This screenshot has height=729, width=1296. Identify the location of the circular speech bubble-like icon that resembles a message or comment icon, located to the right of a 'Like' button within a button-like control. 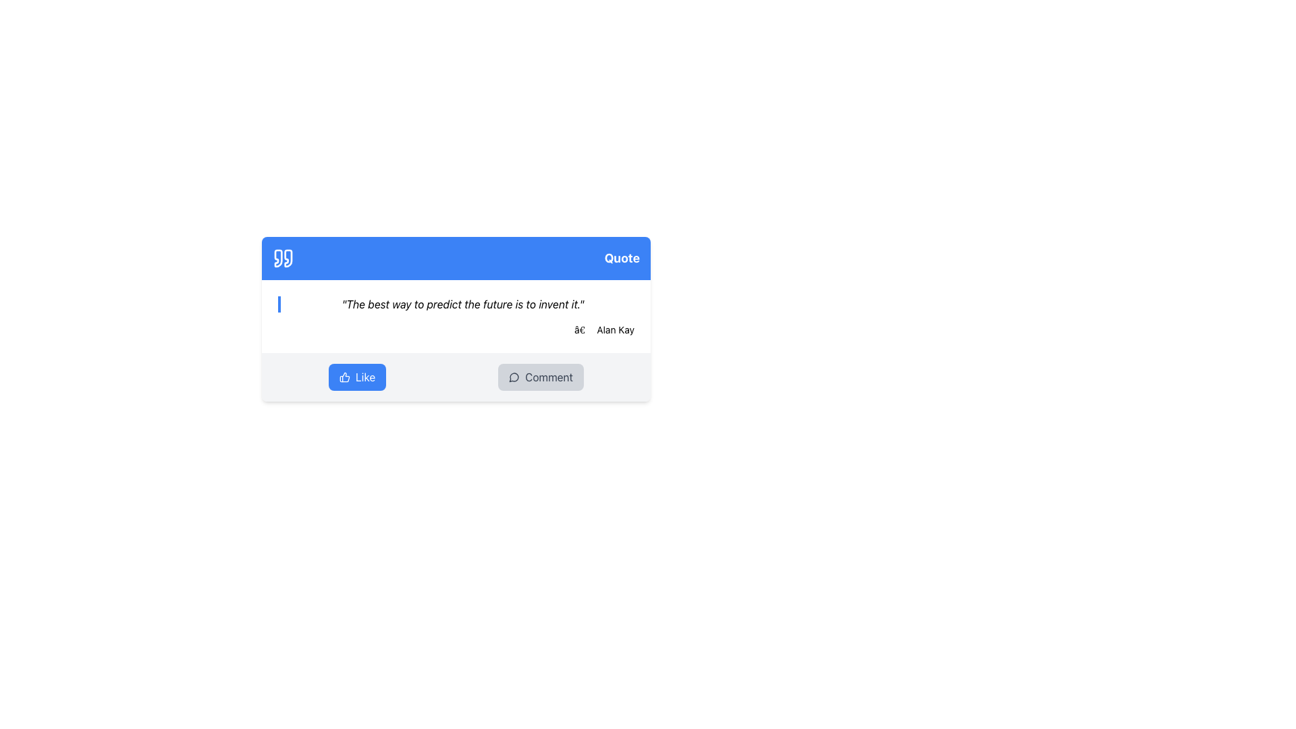
(513, 377).